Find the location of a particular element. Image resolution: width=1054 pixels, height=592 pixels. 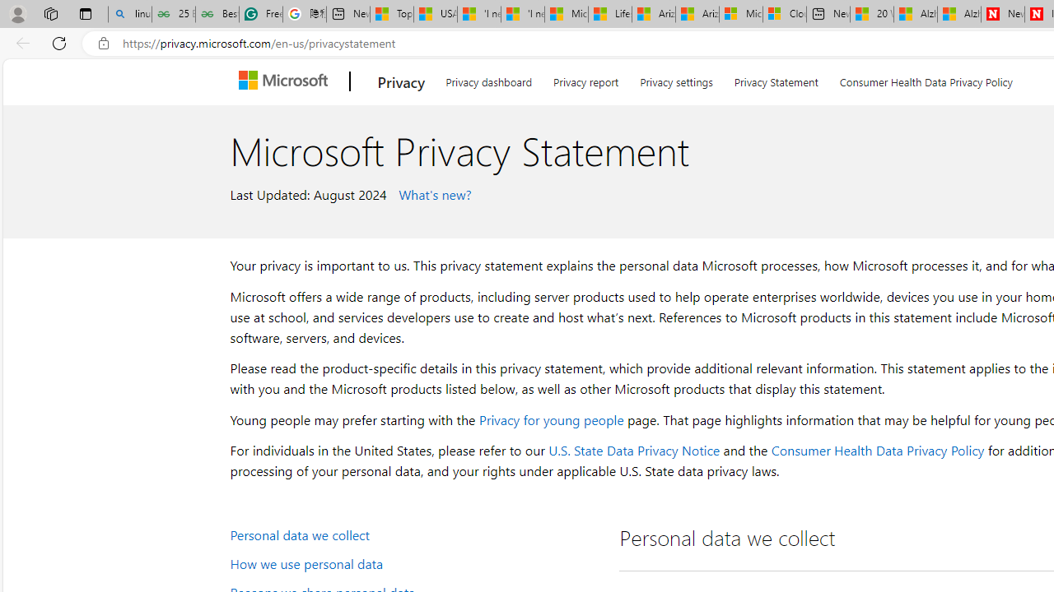

'Top Stories - MSN' is located at coordinates (391, 14).